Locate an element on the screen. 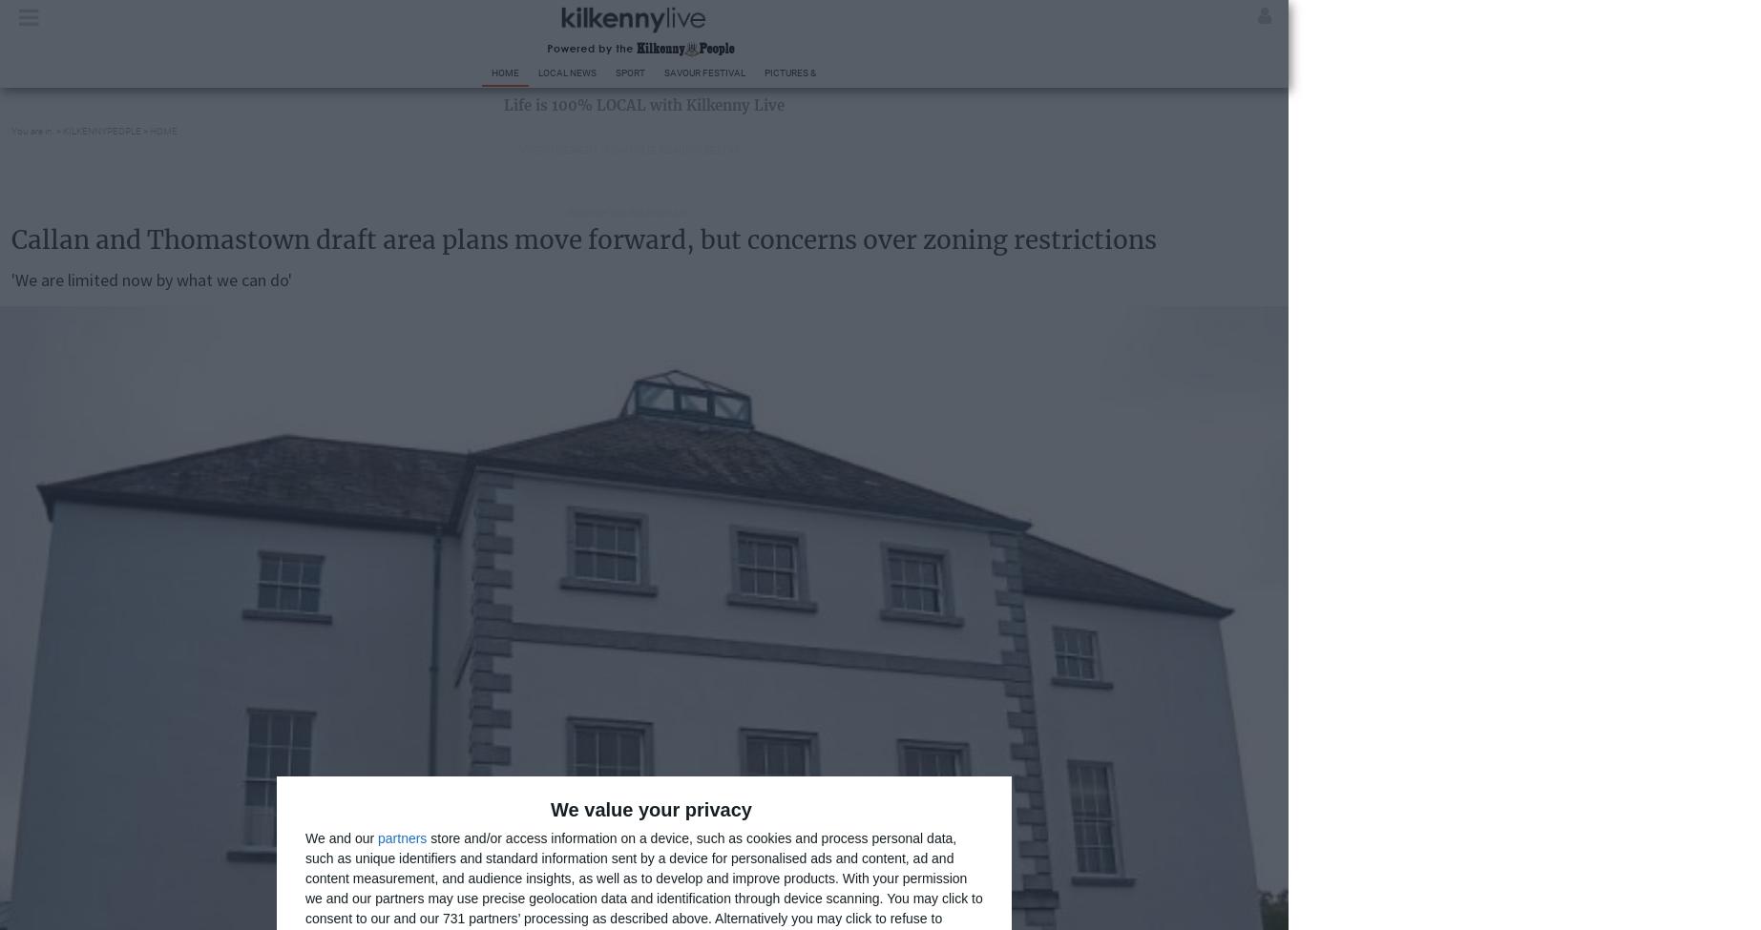  'What's On' is located at coordinates (1114, 72).